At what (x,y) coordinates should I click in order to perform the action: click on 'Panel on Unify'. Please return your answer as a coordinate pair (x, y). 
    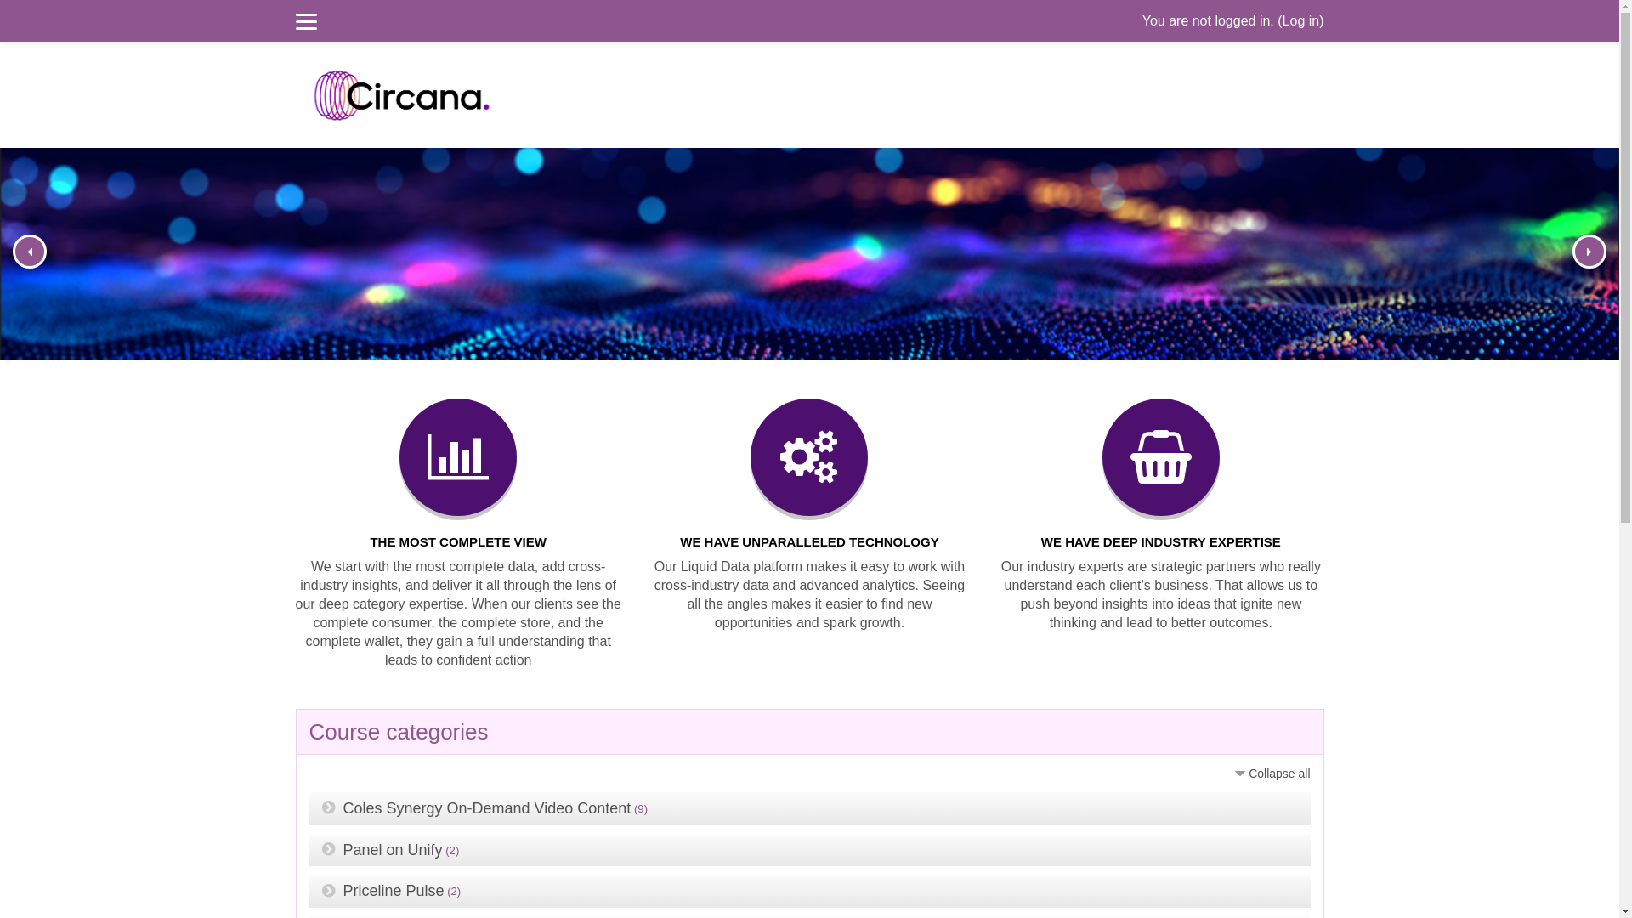
    Looking at the image, I should click on (392, 849).